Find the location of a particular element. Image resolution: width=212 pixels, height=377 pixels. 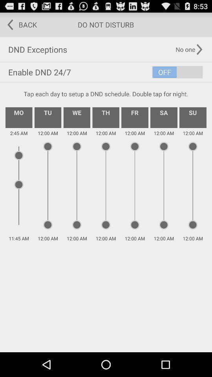

fr icon is located at coordinates (134, 117).